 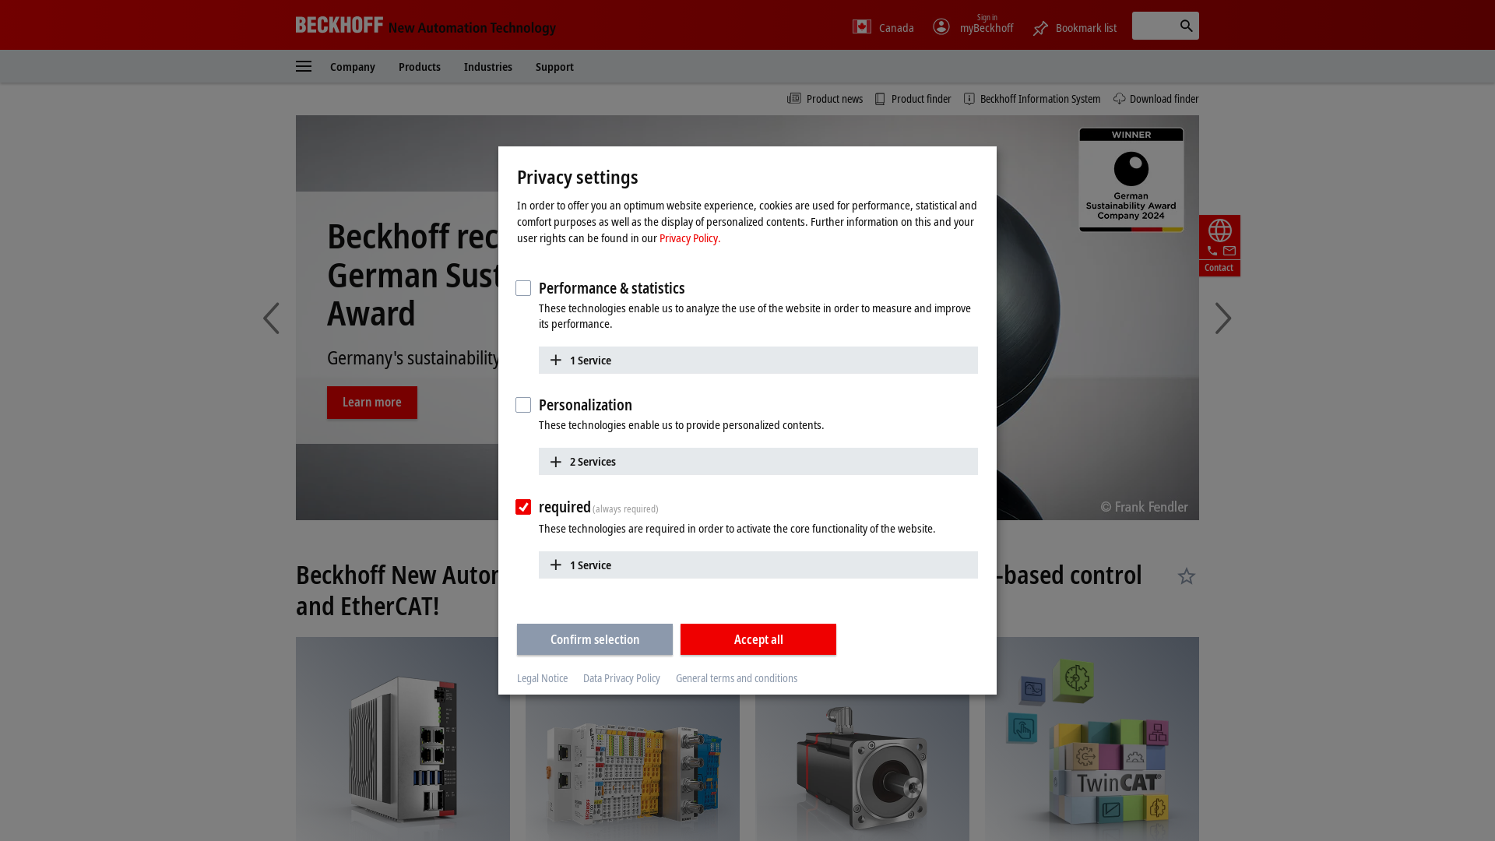 I want to click on 'Product finder', so click(x=913, y=99).